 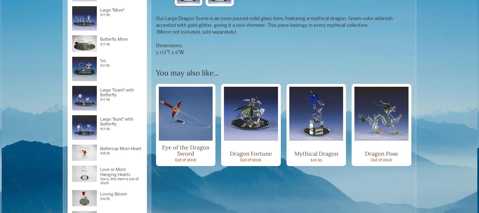 I want to click on 'Eye of the Dragon Sword', so click(x=161, y=150).